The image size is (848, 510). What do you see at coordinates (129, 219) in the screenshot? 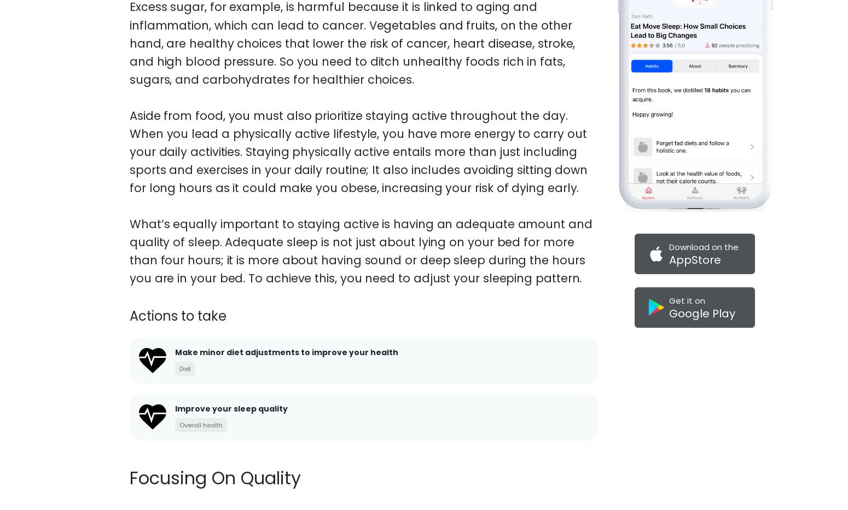
I see `'Healthy living can be challenging, so you must motivate yourself to practice healthy habits. If you want to motivate yourself to exercise regularly, for example, start with the part of the routine you enjoy most.'` at bounding box center [129, 219].